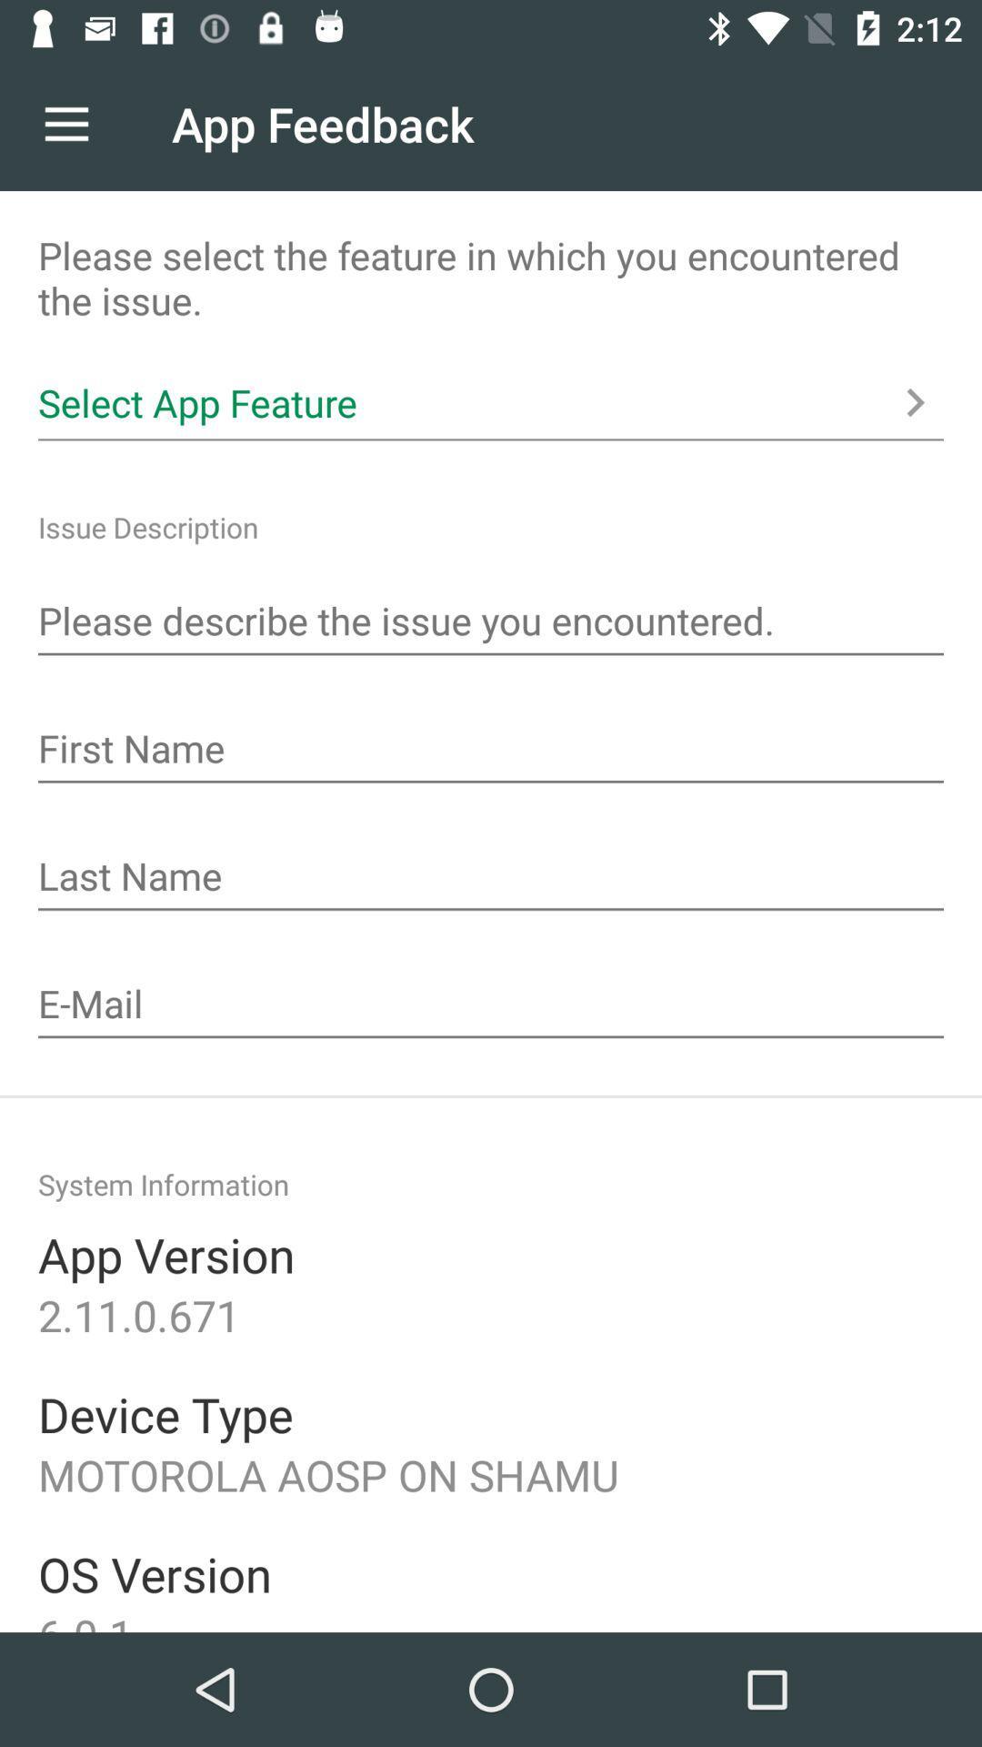 The height and width of the screenshot is (1747, 982). Describe the element at coordinates (491, 1005) in the screenshot. I see `the place to enter in your email for a delivery sight` at that location.